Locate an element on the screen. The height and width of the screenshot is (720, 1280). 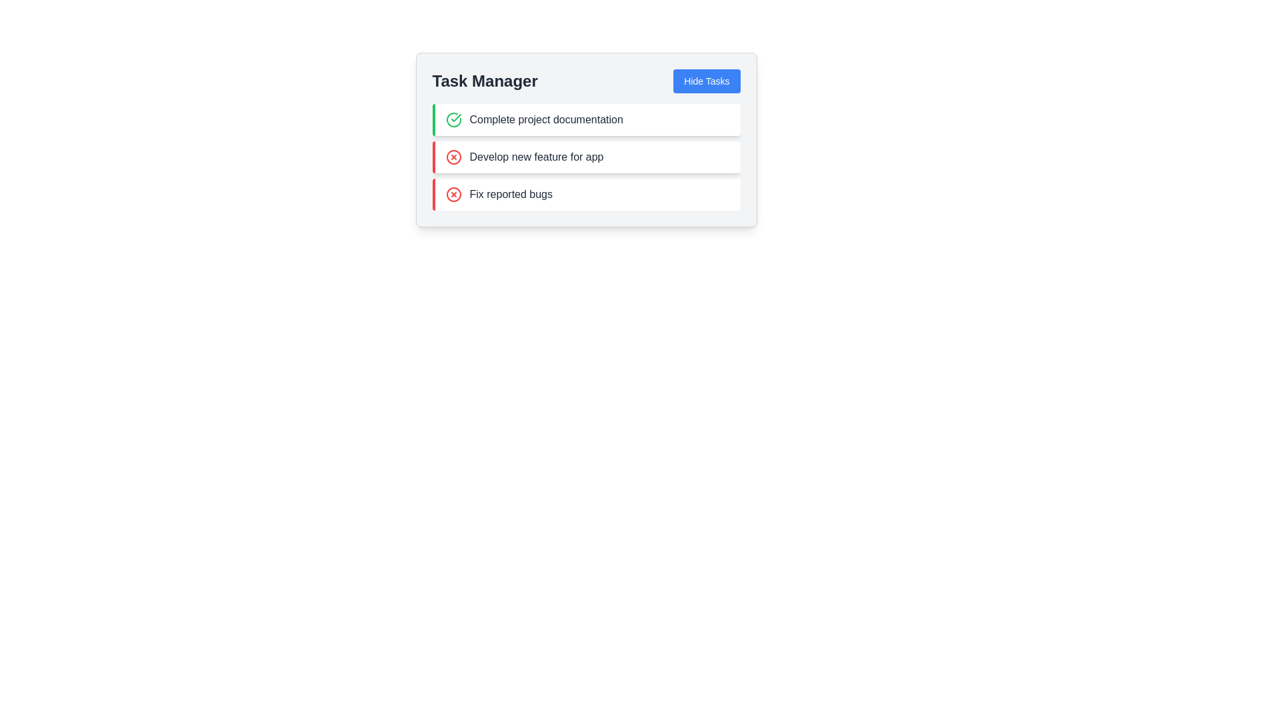
the blue button labeled 'Hide Tasks' in the top right corner of the 'Task Manager' section is located at coordinates (706, 81).